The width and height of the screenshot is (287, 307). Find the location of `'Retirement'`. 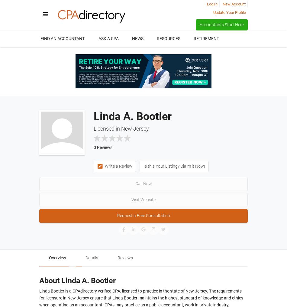

'Retirement' is located at coordinates (206, 38).